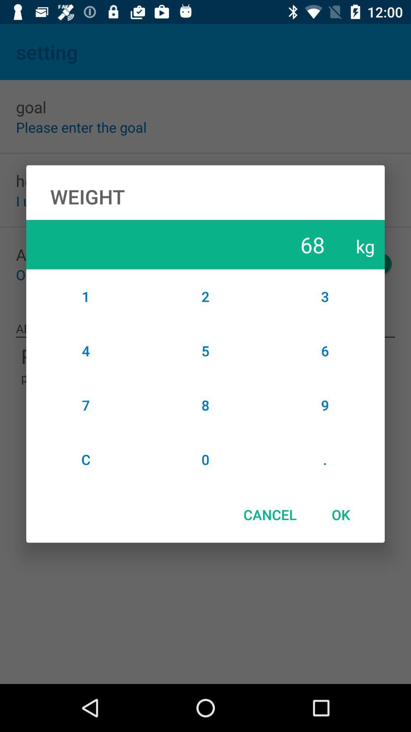 This screenshot has height=732, width=411. I want to click on item above 9 item, so click(325, 350).